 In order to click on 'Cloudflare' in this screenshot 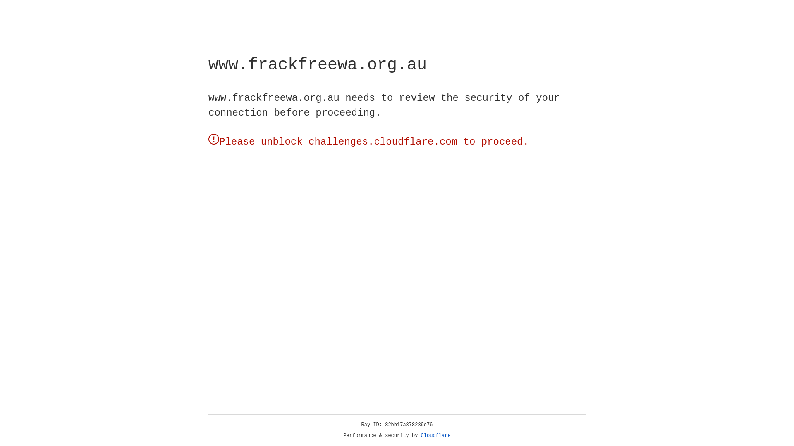, I will do `click(421, 435)`.